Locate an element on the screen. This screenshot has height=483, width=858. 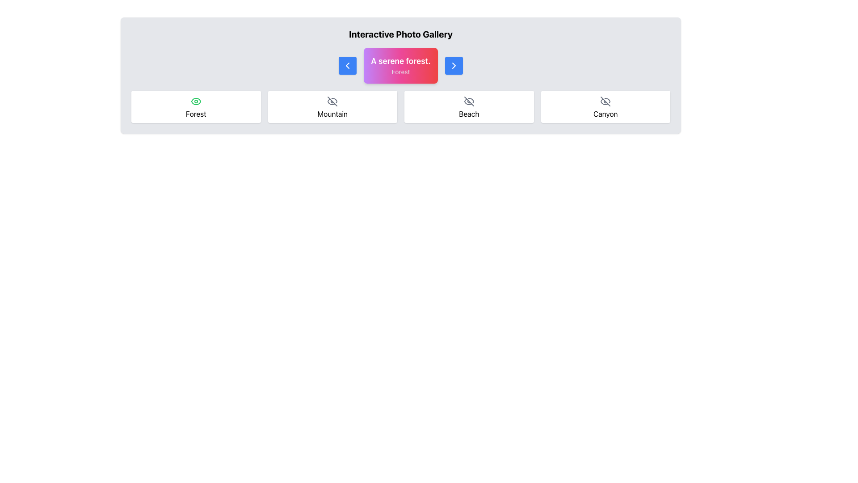
the upper part of the eye representation in the eye-off icon located on the Beach card is located at coordinates (471, 100).